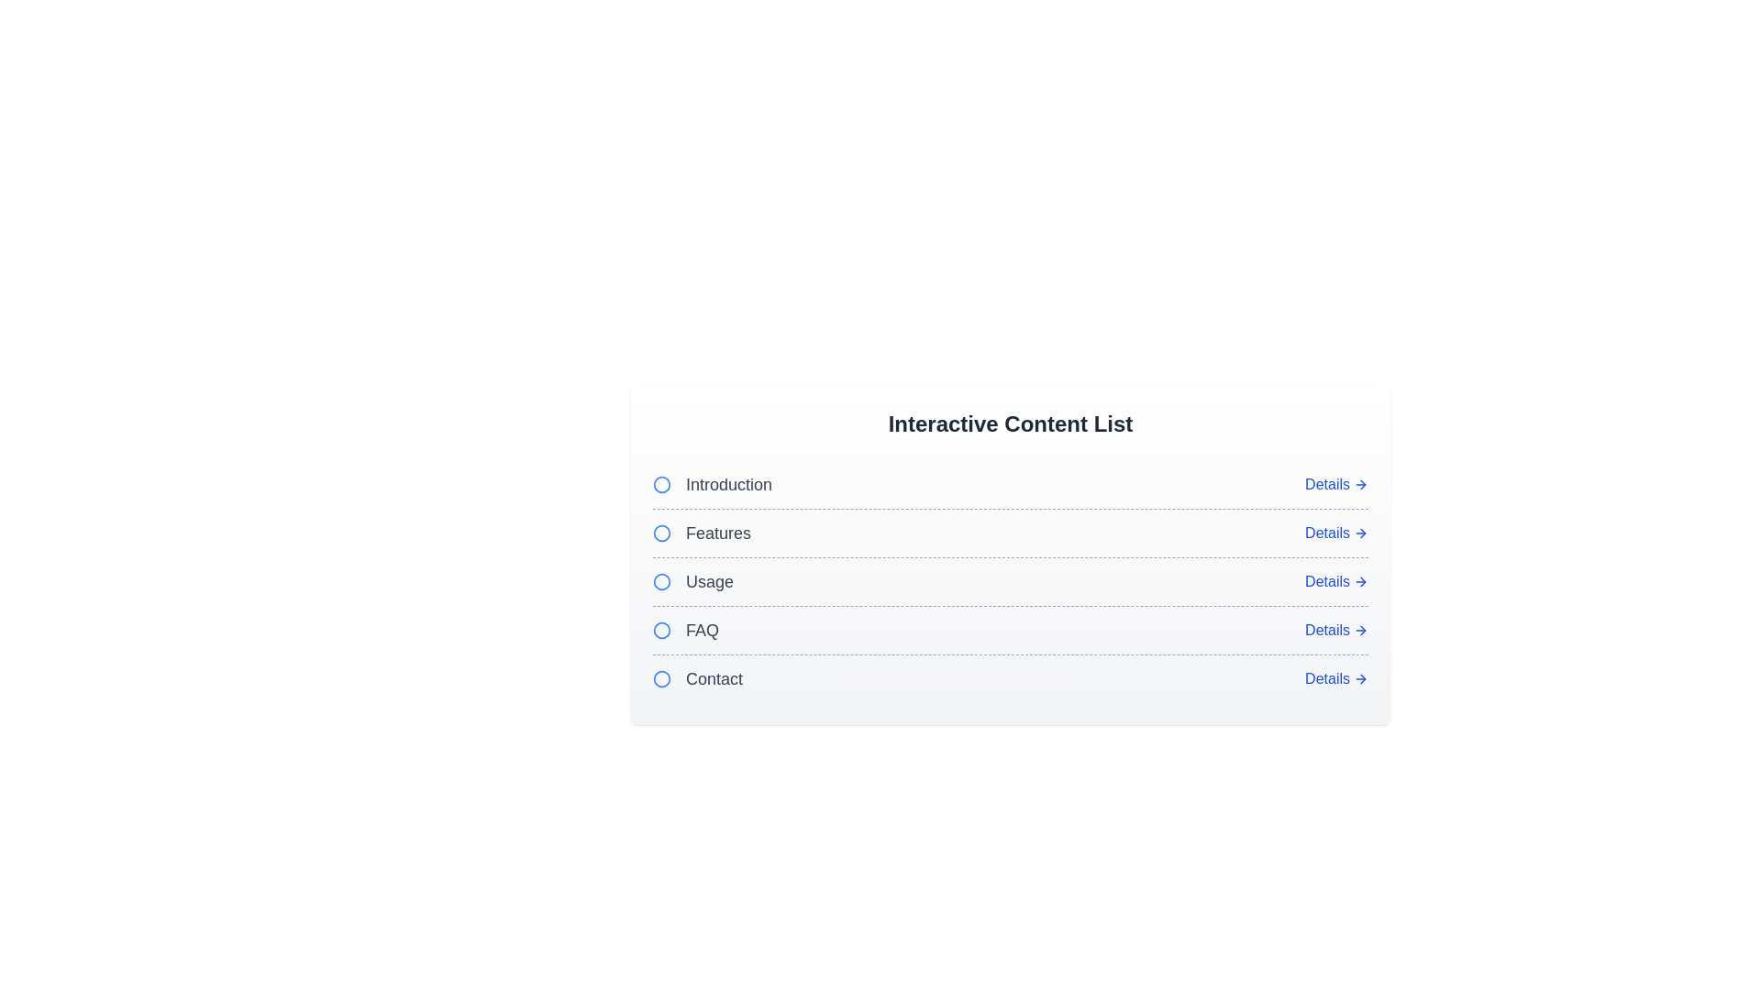  I want to click on text label displaying 'Features' which is styled in medium gray font and positioned to the right of a blue circular icon in the Interactive Content List, so click(717, 533).